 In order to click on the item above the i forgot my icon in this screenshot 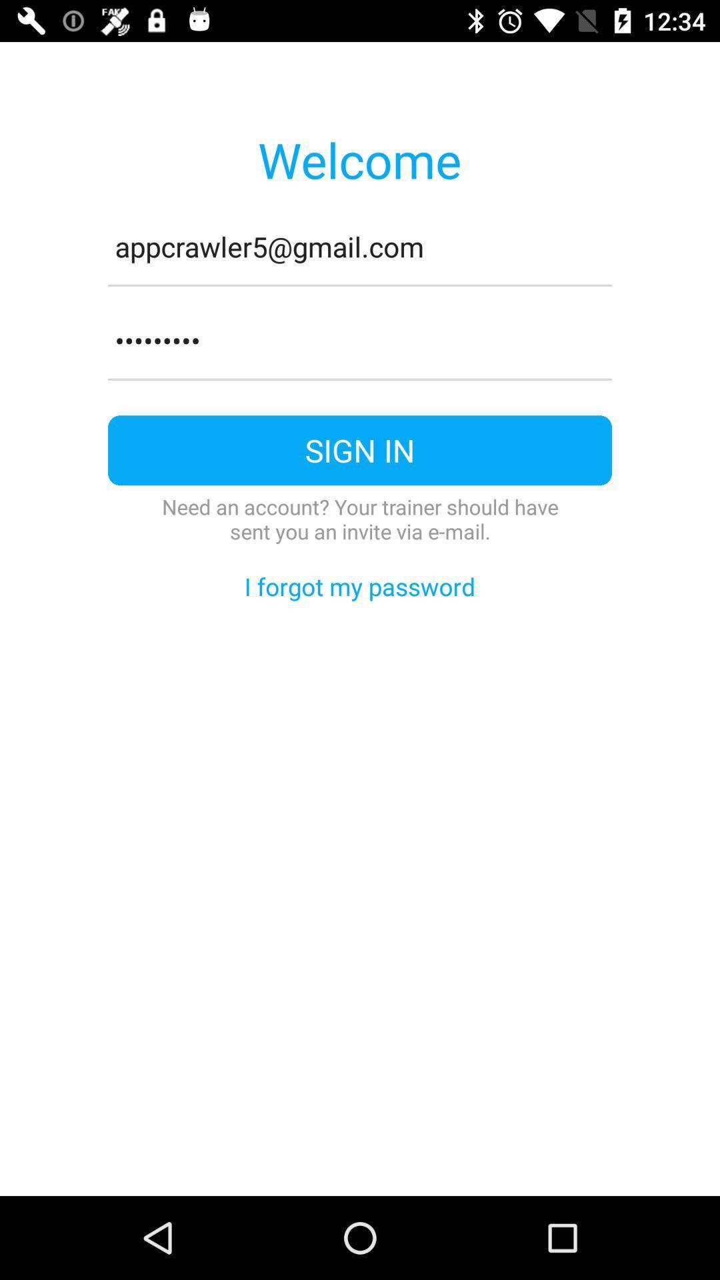, I will do `click(360, 518)`.